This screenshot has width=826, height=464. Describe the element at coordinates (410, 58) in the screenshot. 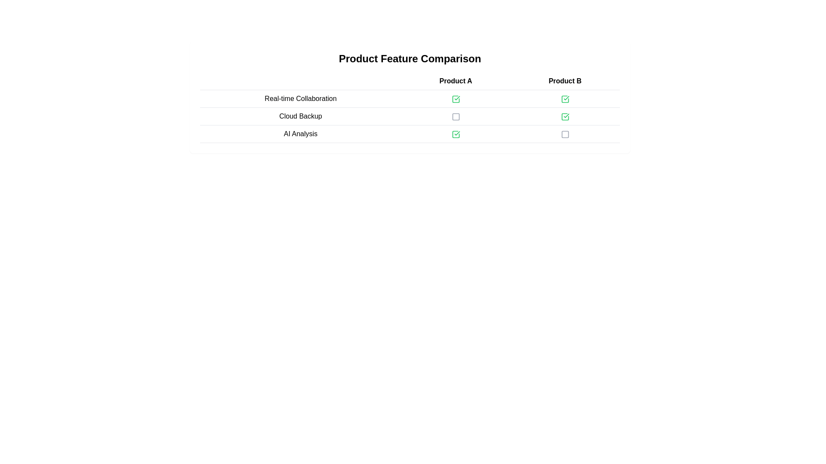

I see `the prominently displayed static text header reading 'Product Feature Comparison' located at the top of the content area` at that location.